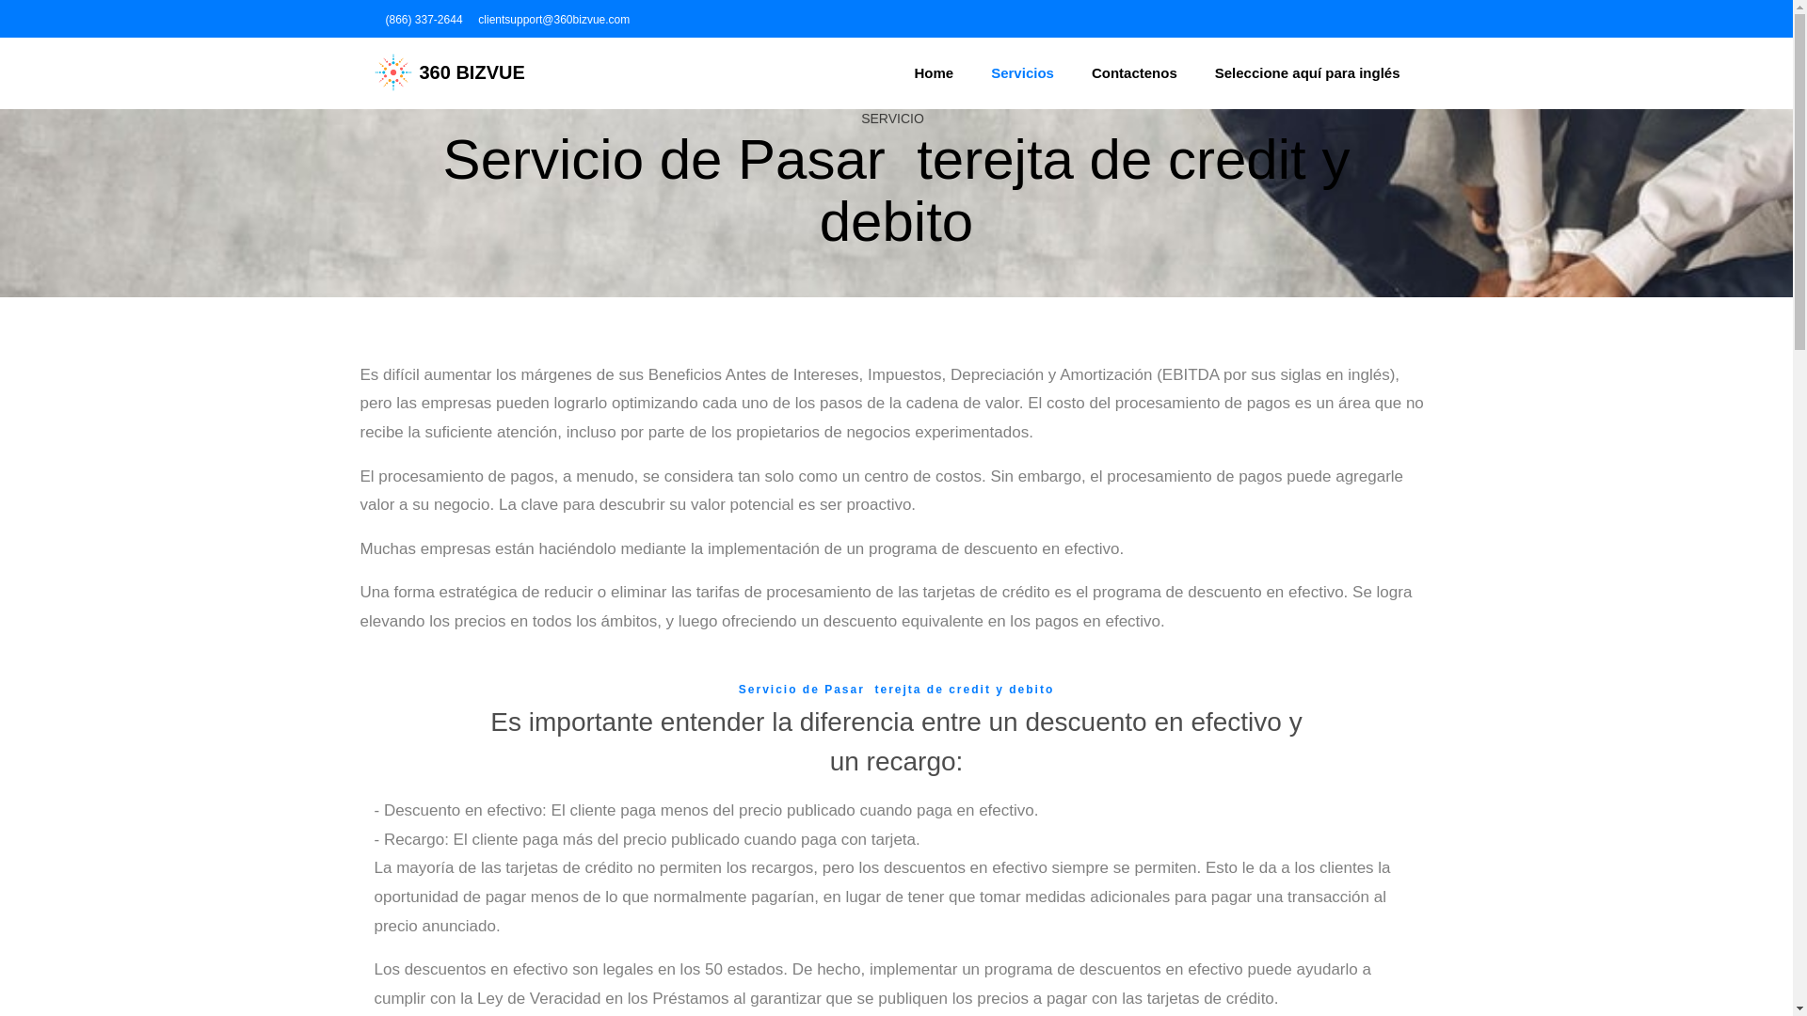  Describe the element at coordinates (381, 19) in the screenshot. I see `'(866) 337-2644'` at that location.